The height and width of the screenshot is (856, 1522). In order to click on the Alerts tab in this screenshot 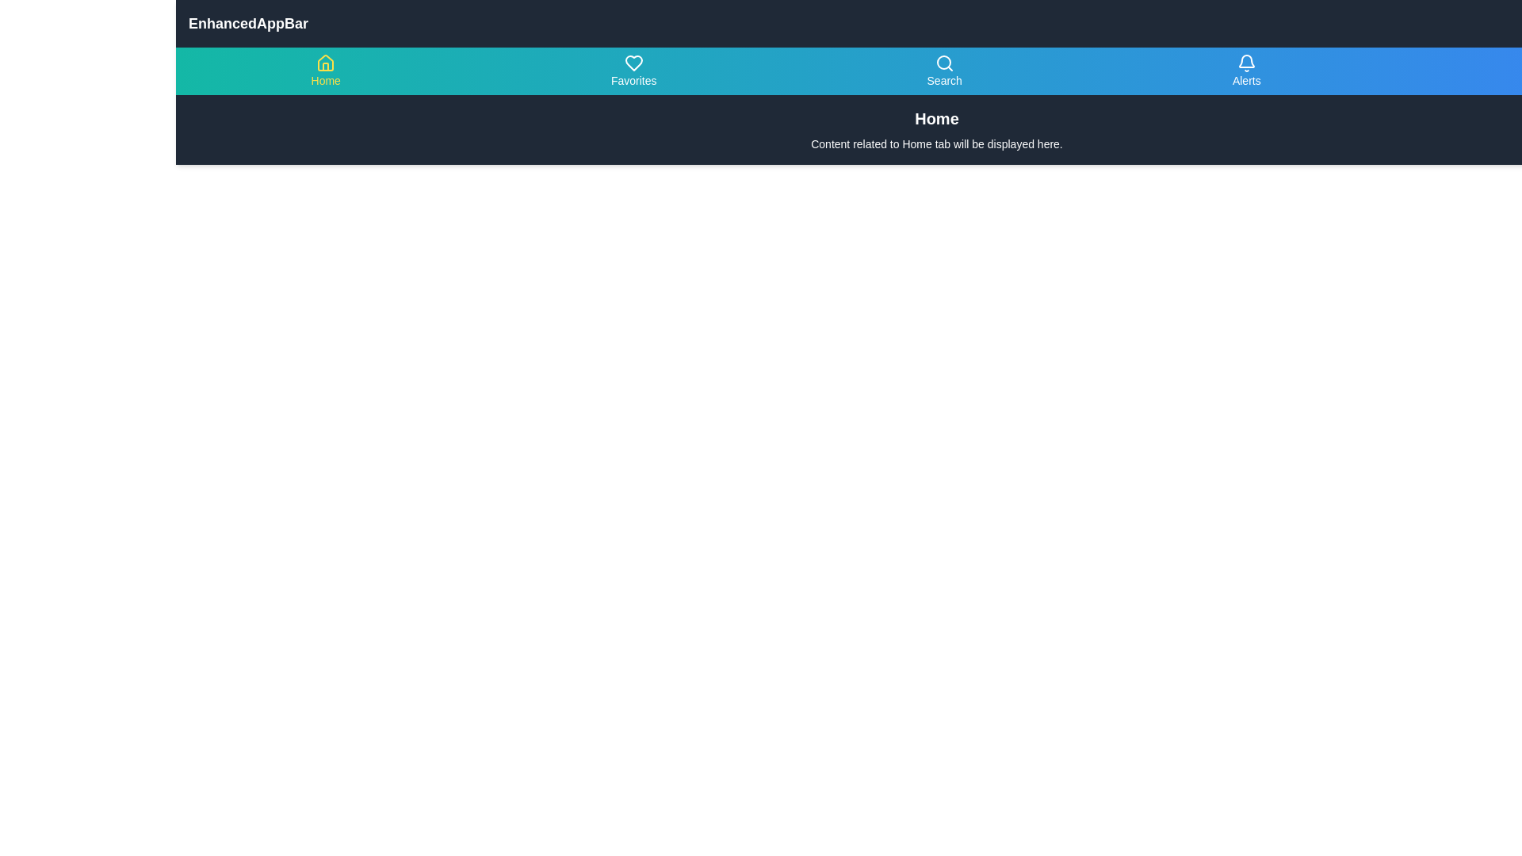, I will do `click(1246, 70)`.